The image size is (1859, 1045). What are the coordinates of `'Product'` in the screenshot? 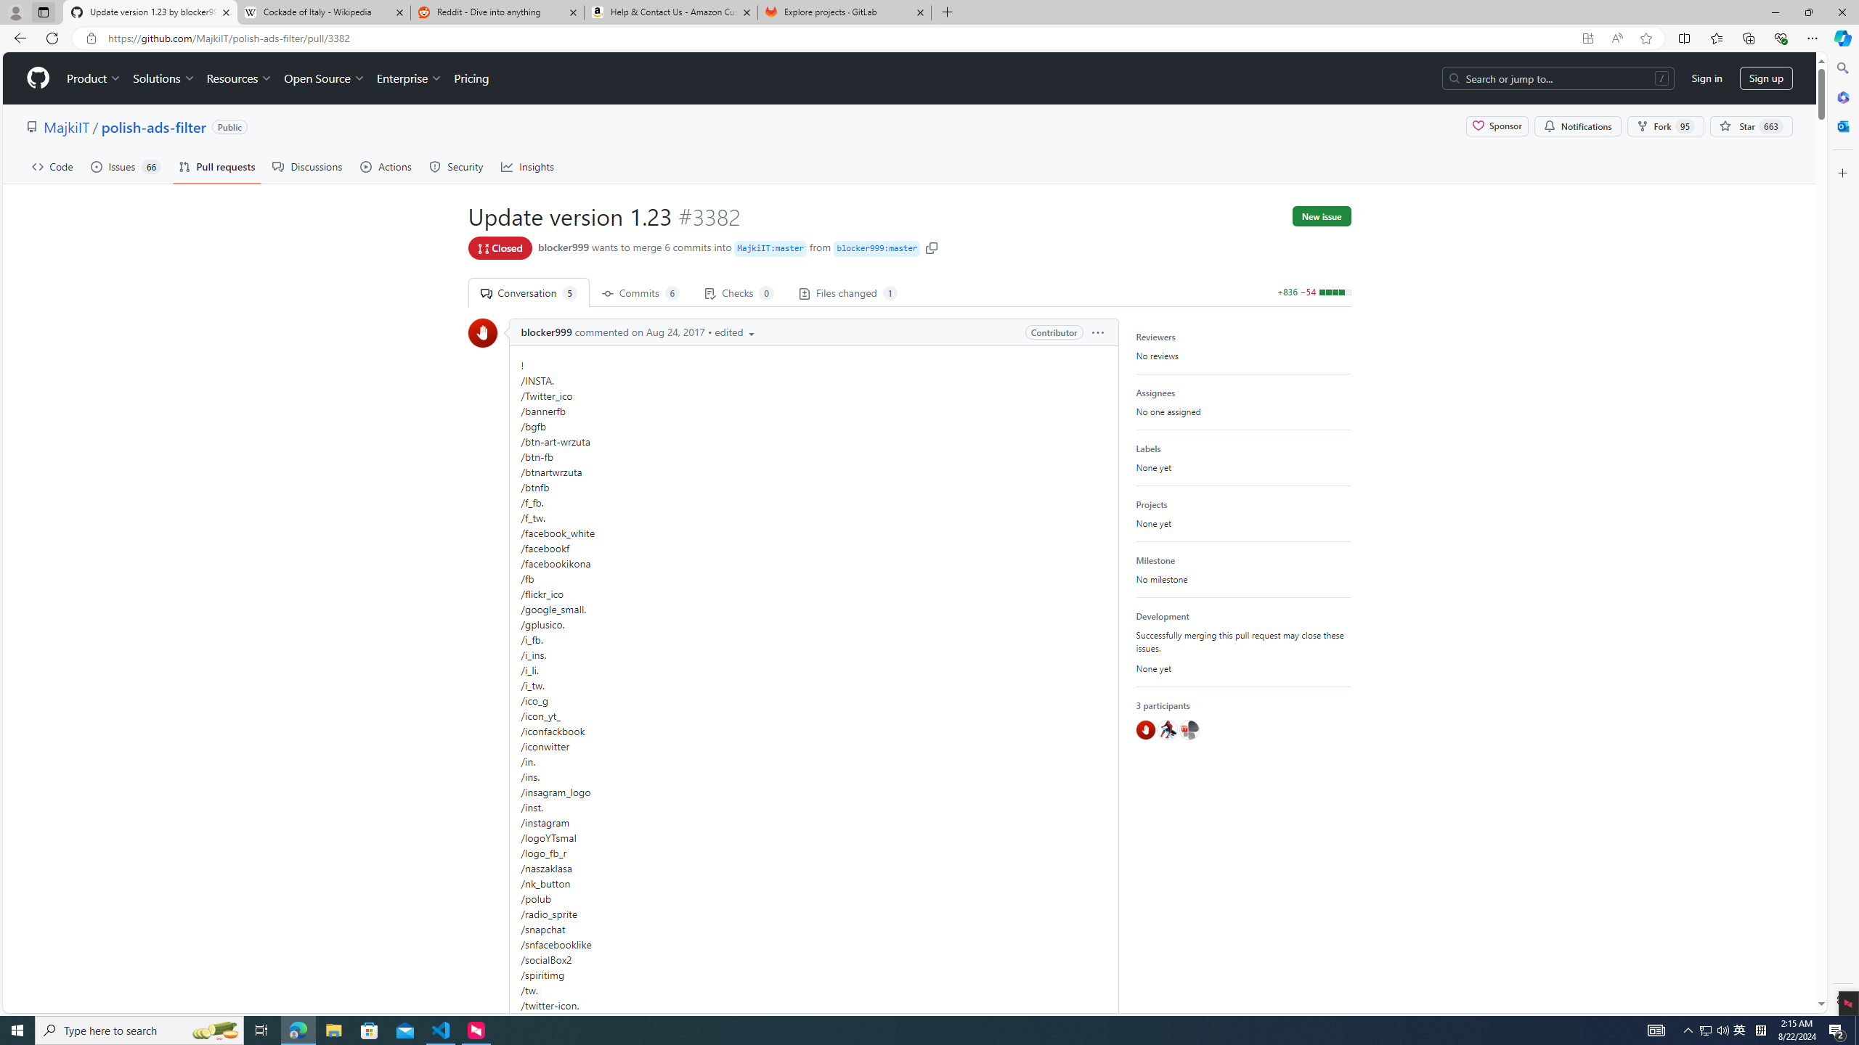 It's located at (94, 78).